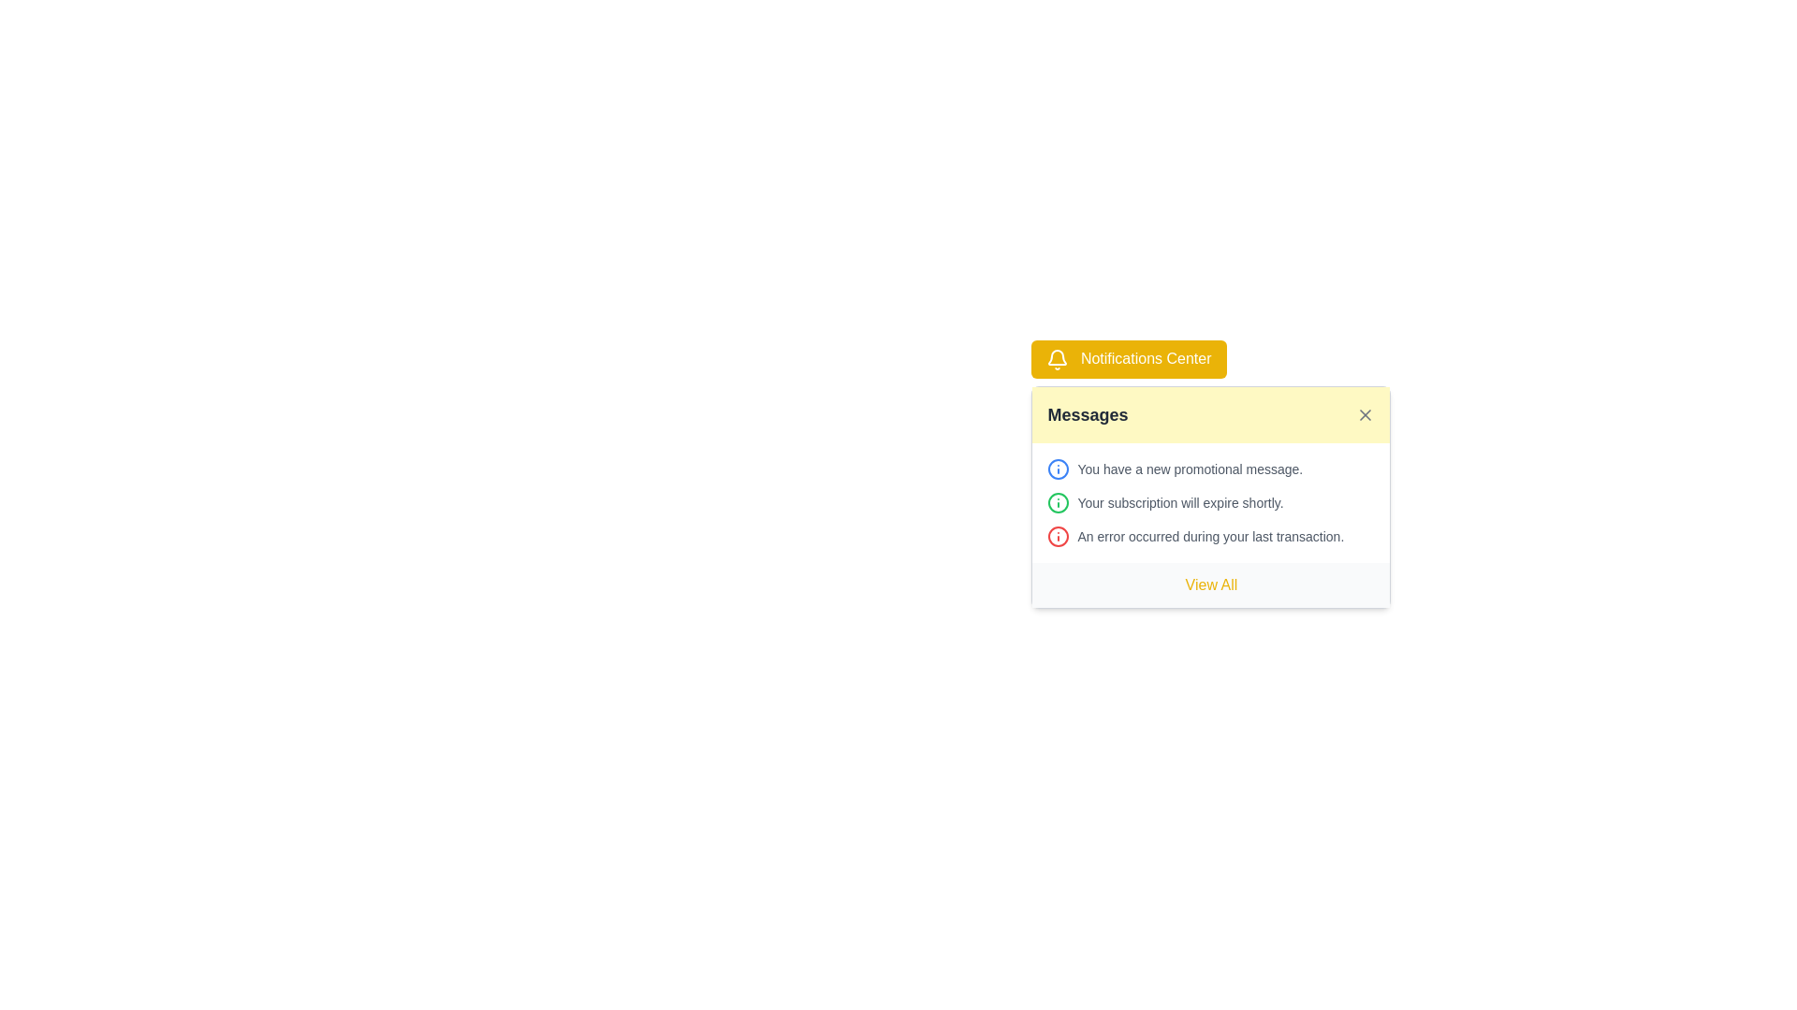 This screenshot has width=1797, height=1010. What do you see at coordinates (1059, 468) in the screenshot?
I see `the icon located at the leftmost position of the group containing the text 'You have a new promotional message' in the top section of the notification card under the 'Messages' heading` at bounding box center [1059, 468].